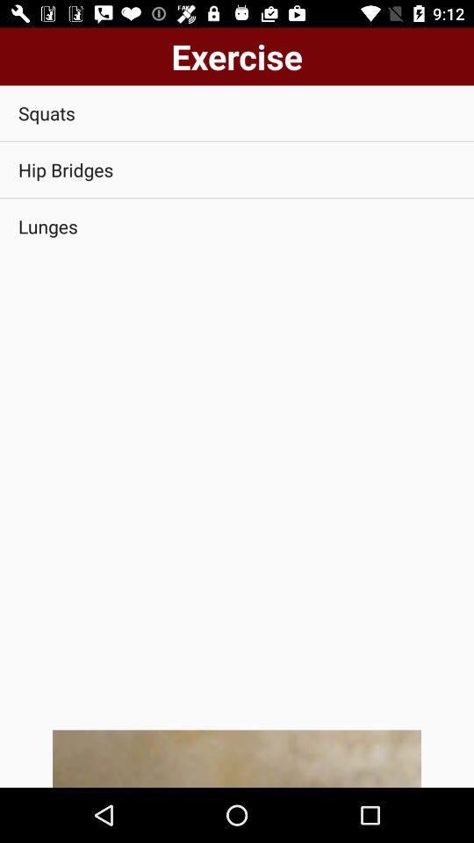 The width and height of the screenshot is (474, 843). I want to click on the hip bridges app, so click(237, 169).